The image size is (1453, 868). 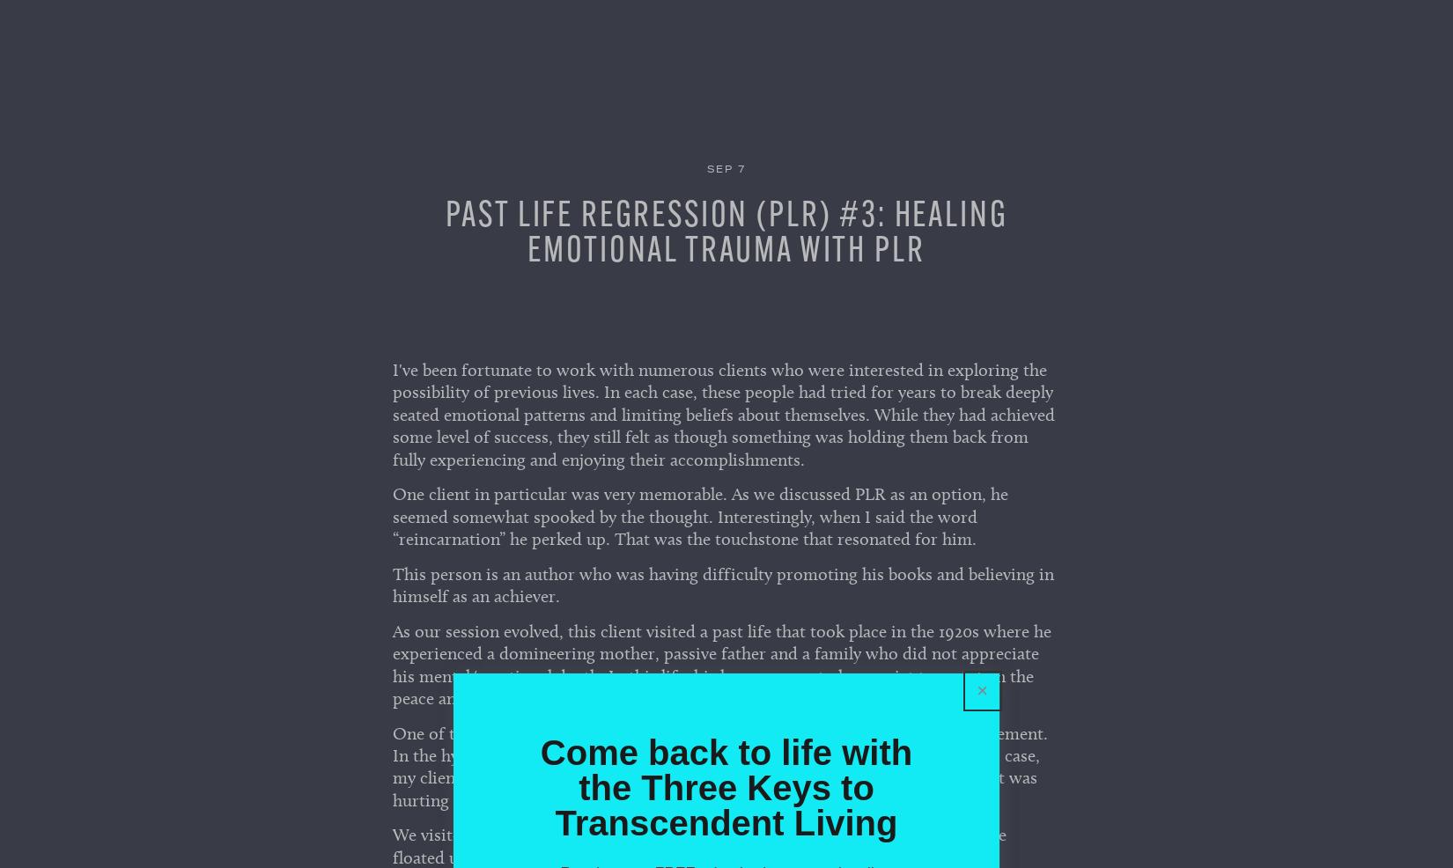 I want to click on 'As our session evolved, this client visited a past life that took place in the 1920s where he experienced a domineering mother, passive father and a family who did not appreciate his mental/emotional depth. In this life, his lessons were to keep quiet to maintain the peace and put his desires second to those of others. In short, he didn't matter.', so click(x=720, y=669).